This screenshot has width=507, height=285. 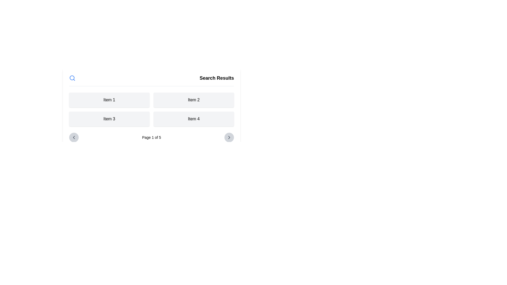 I want to click on the rightward-pointing chevron arrow located in the bottom-right corner of the navigation control section, so click(x=229, y=137).